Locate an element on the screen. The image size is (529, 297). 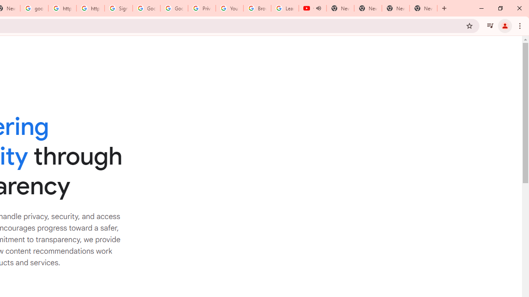
'YouTube' is located at coordinates (229, 8).